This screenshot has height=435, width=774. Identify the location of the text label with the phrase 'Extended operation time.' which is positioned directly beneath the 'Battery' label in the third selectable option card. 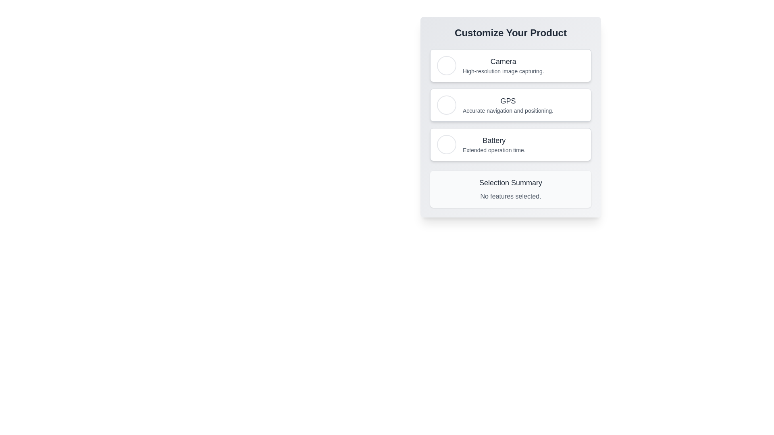
(493, 150).